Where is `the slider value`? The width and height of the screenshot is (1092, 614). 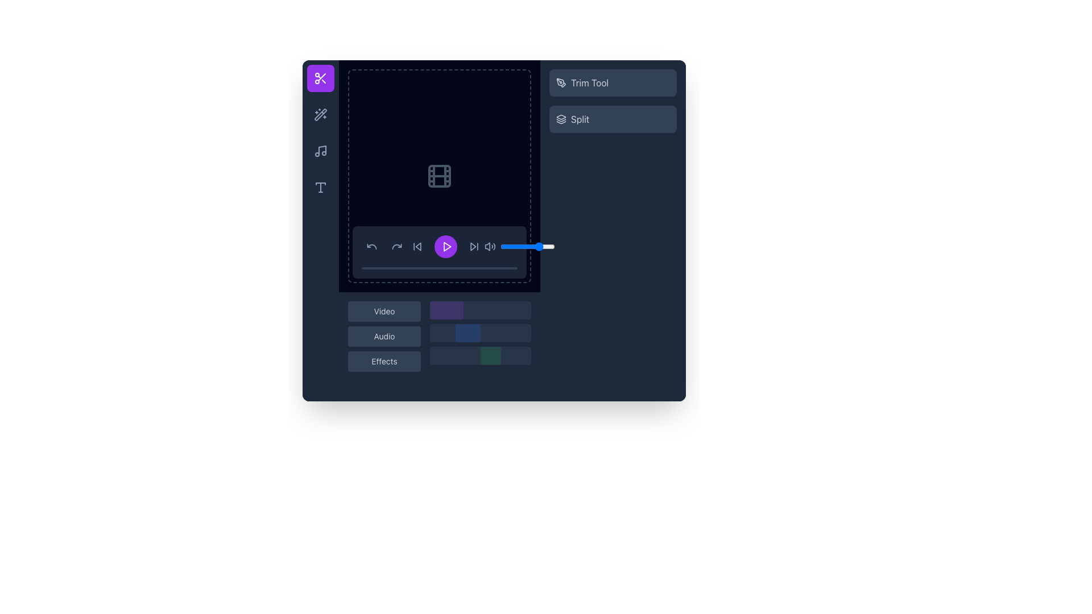 the slider value is located at coordinates (518, 246).